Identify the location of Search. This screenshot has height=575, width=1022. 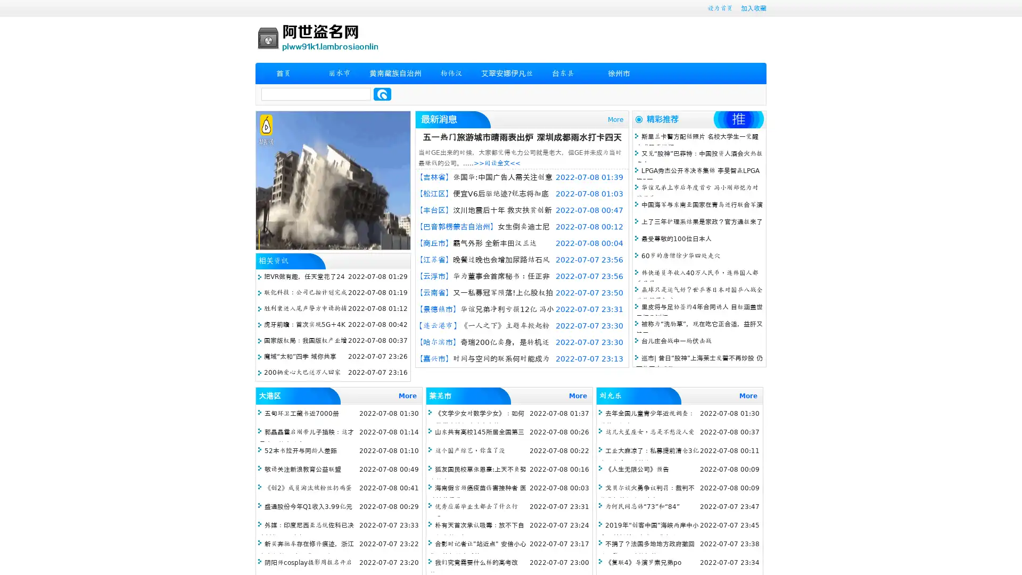
(382, 94).